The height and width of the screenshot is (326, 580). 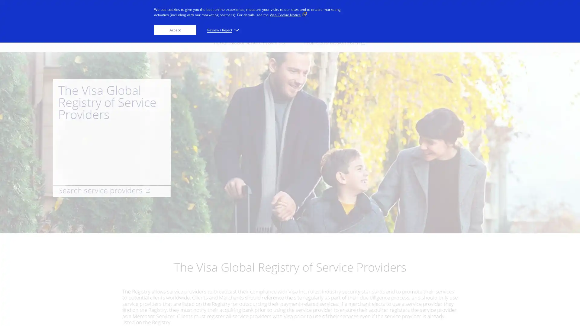 What do you see at coordinates (175, 30) in the screenshot?
I see `Accept` at bounding box center [175, 30].